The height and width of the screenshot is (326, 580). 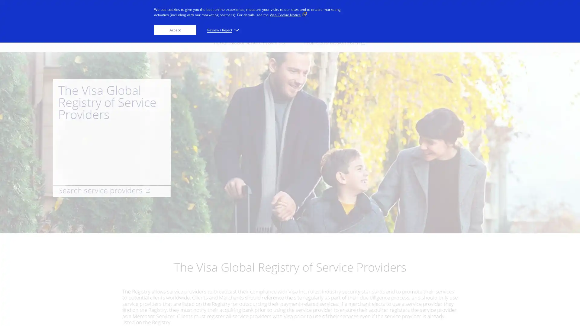 What do you see at coordinates (175, 30) in the screenshot?
I see `Accept` at bounding box center [175, 30].